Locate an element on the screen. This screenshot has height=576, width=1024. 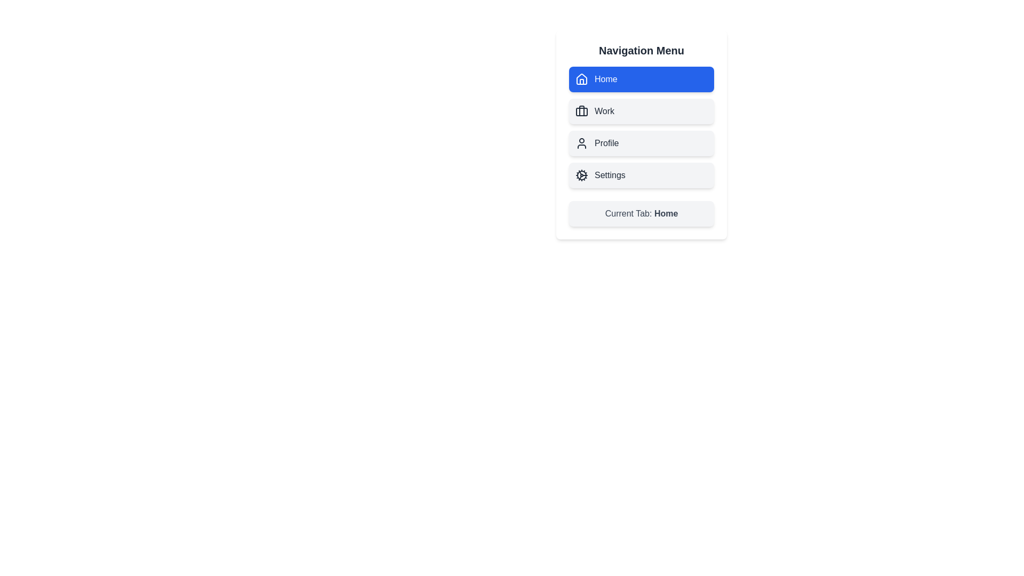
the menu item labeled Home is located at coordinates (641, 79).